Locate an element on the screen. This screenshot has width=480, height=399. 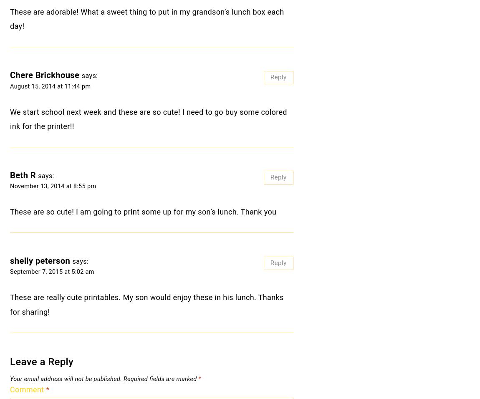
'Required fields are marked' is located at coordinates (124, 379).